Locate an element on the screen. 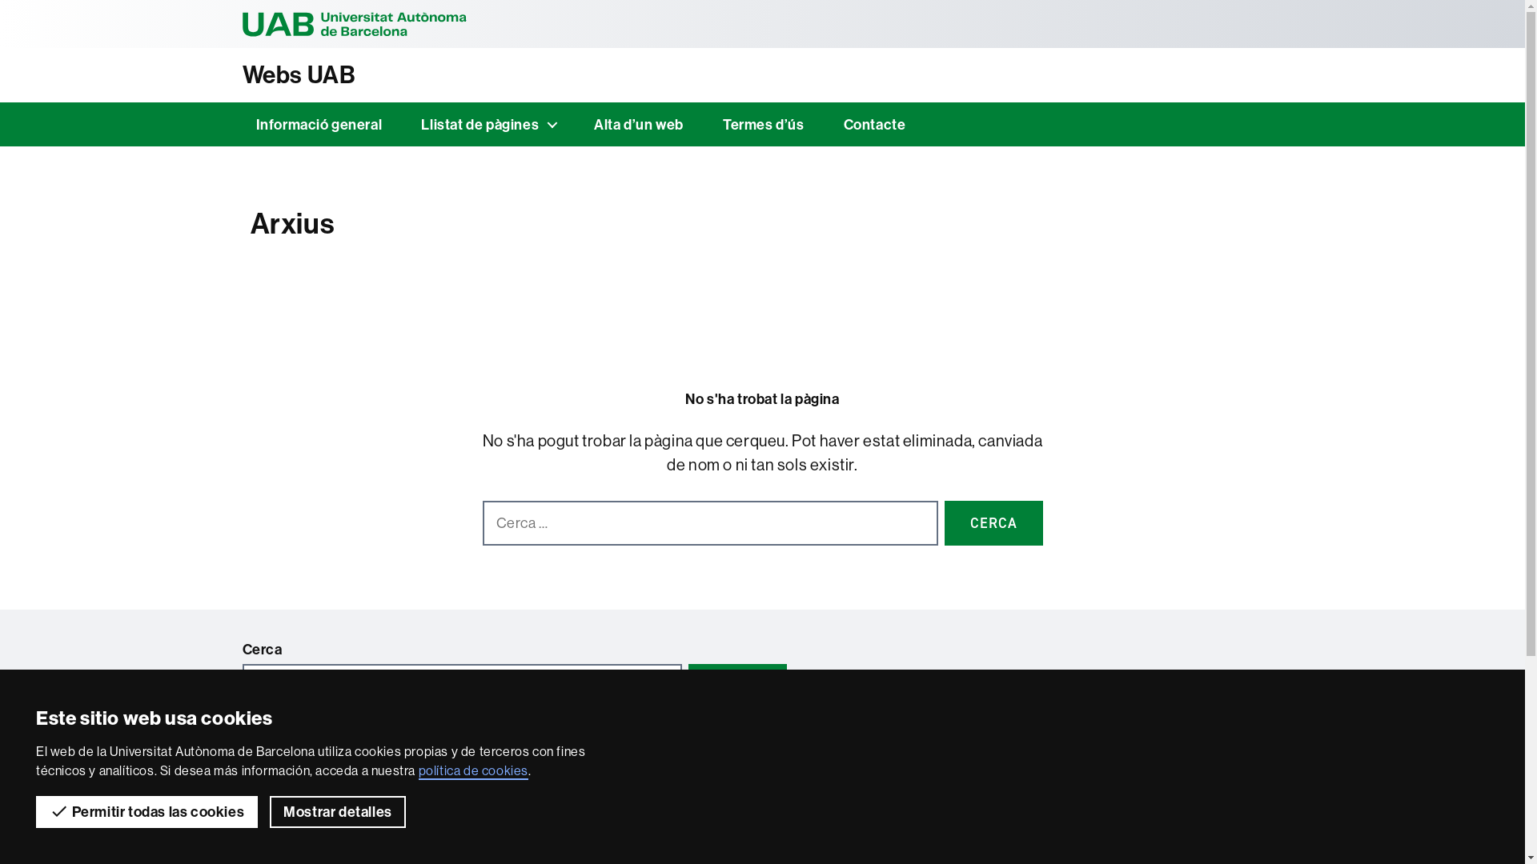 The image size is (1537, 864). 'Webs UAB' is located at coordinates (241, 74).